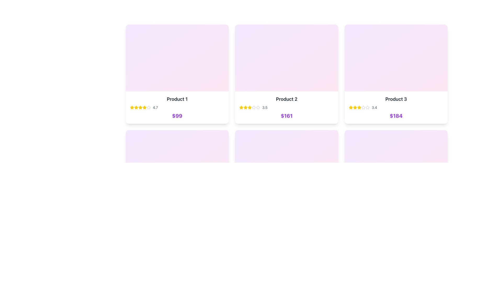 The width and height of the screenshot is (502, 282). Describe the element at coordinates (265, 107) in the screenshot. I see `the text label that displays the numerical representation of the star rating for 'Product 2', located within the star rating system` at that location.